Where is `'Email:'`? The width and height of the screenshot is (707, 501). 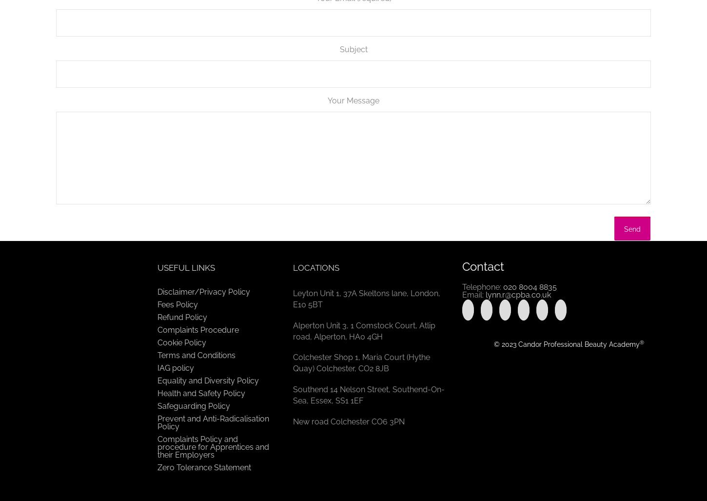 'Email:' is located at coordinates (473, 295).